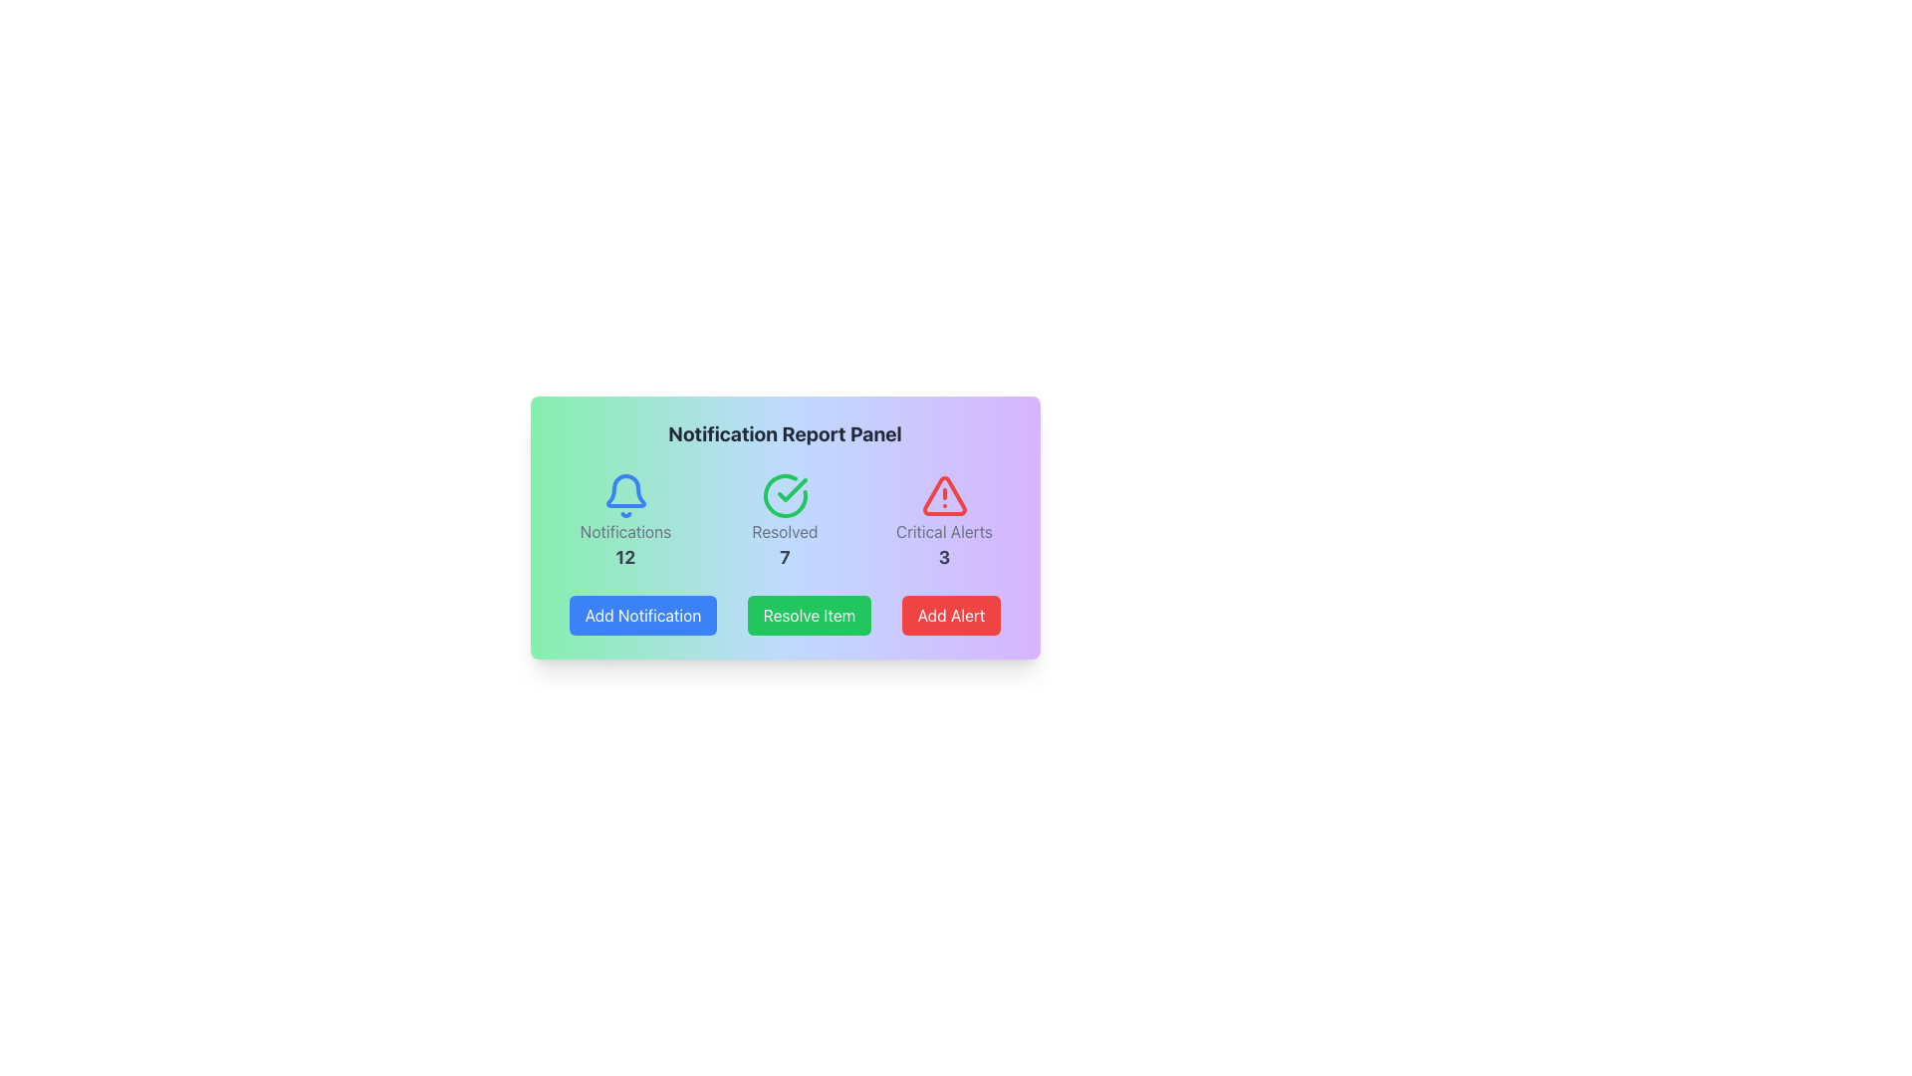 The height and width of the screenshot is (1076, 1912). I want to click on the green circular icon with a check mark located in the 'Resolved' section of the Notification Report Panel UI, which is center-aligned above the text 'Resolved', so click(784, 494).